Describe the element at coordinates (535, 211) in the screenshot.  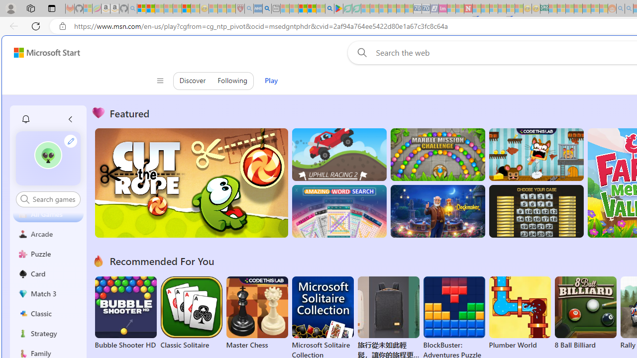
I see `'Deal or No Deal'` at that location.